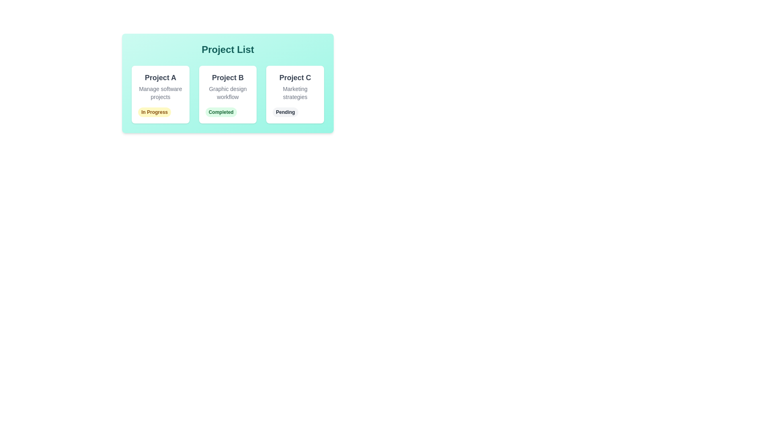  Describe the element at coordinates (160, 94) in the screenshot. I see `the card representing Project A to view its details` at that location.